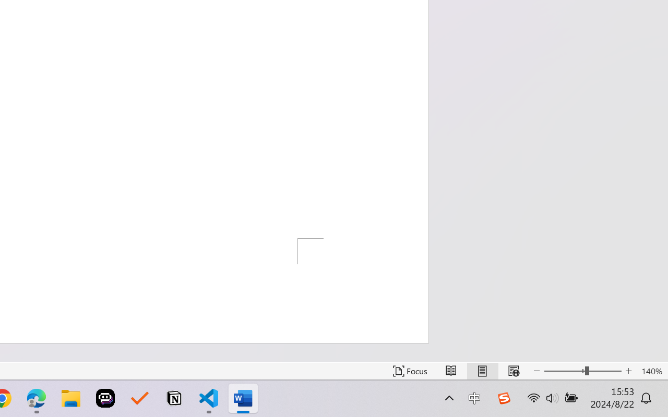  Describe the element at coordinates (410, 371) in the screenshot. I see `'Focus '` at that location.